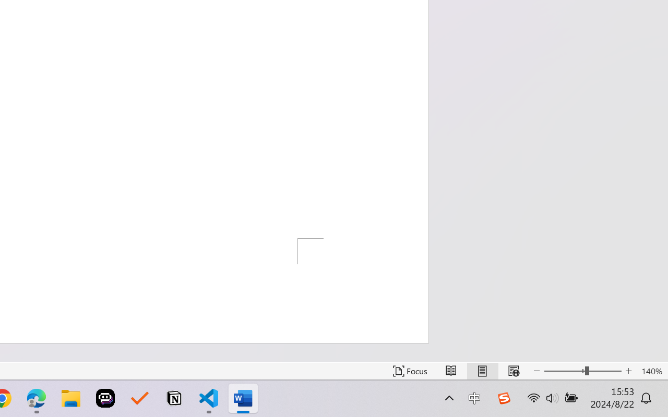  Describe the element at coordinates (410, 371) in the screenshot. I see `'Focus '` at that location.